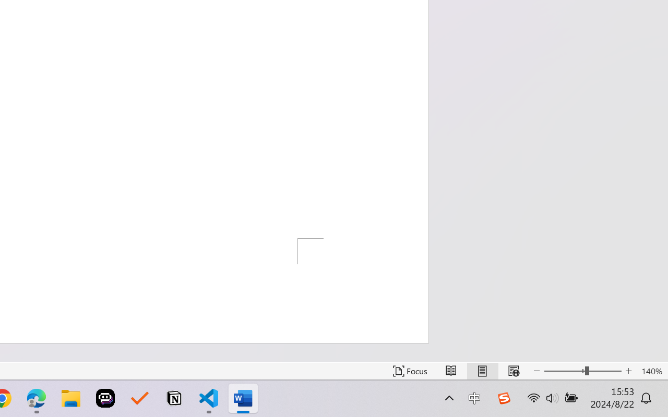  Describe the element at coordinates (410, 371) in the screenshot. I see `'Focus '` at that location.